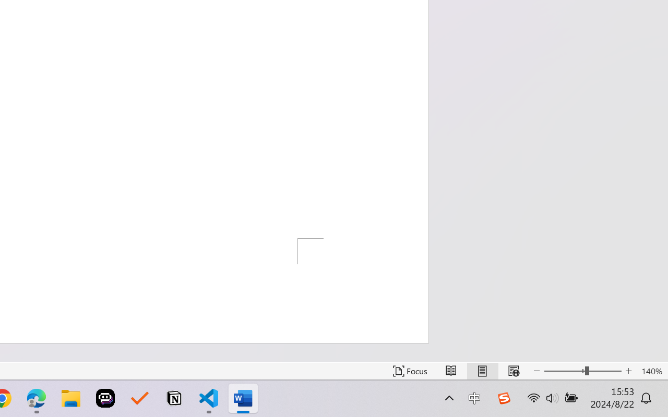  Describe the element at coordinates (410, 371) in the screenshot. I see `'Focus '` at that location.